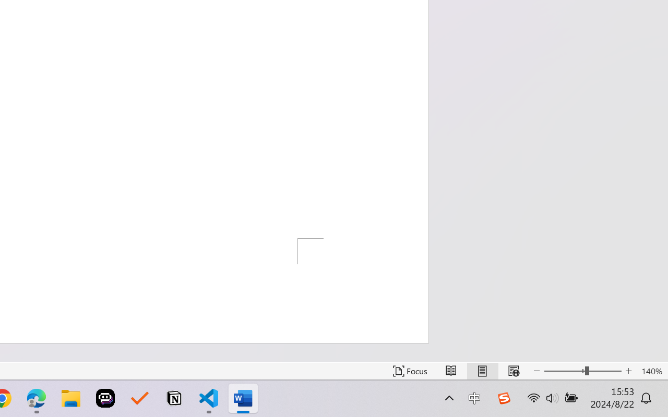  Describe the element at coordinates (410, 371) in the screenshot. I see `'Focus '` at that location.